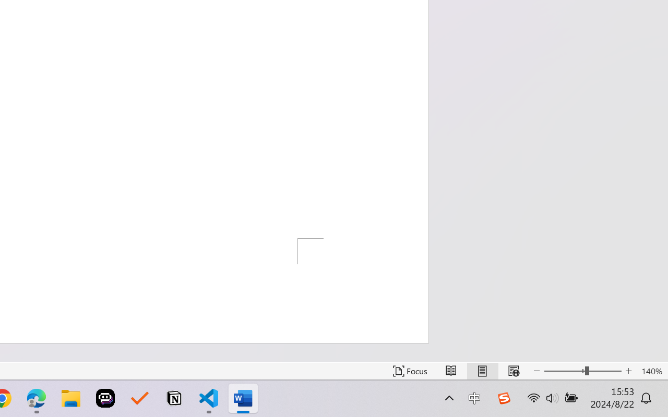  Describe the element at coordinates (410, 371) in the screenshot. I see `'Focus '` at that location.